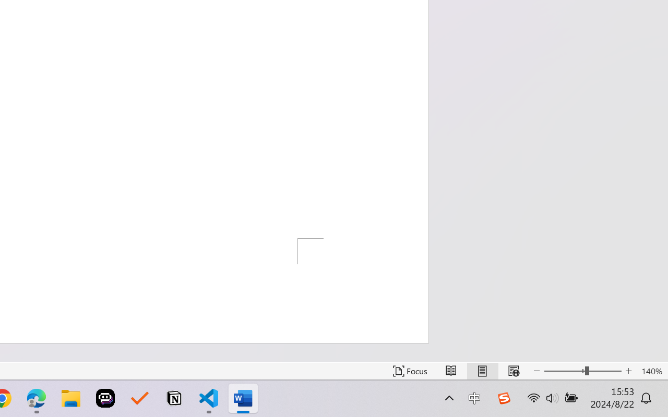  Describe the element at coordinates (410, 371) in the screenshot. I see `'Focus '` at that location.